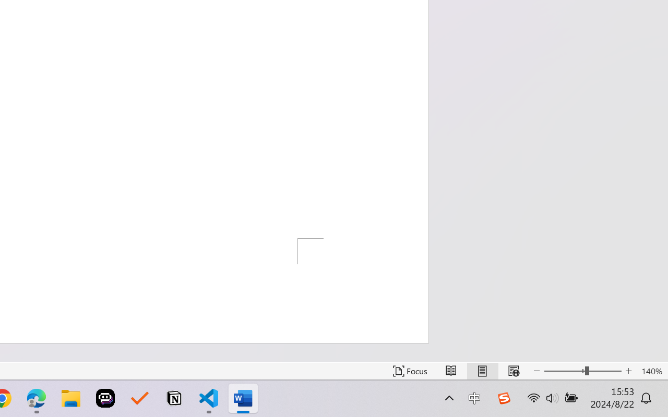  Describe the element at coordinates (410, 371) in the screenshot. I see `'Focus '` at that location.